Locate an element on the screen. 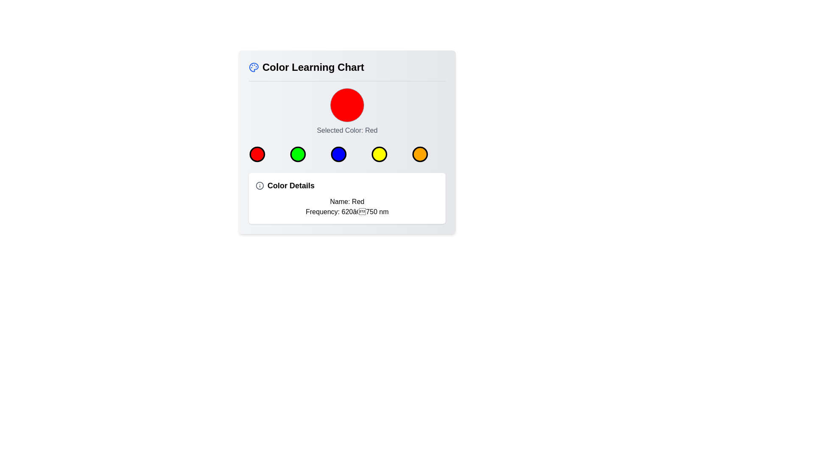 This screenshot has width=814, height=458. the circular blue button with a black border, which is the third element in a row of colored circles below the 'Color Learning Chart' header and the 'Selected Color: Red' label is located at coordinates (338, 154).